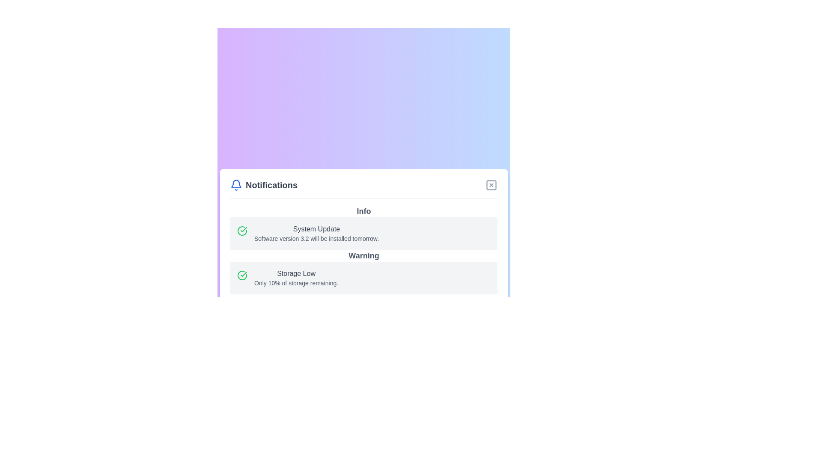 Image resolution: width=822 pixels, height=462 pixels. What do you see at coordinates (363, 255) in the screenshot?
I see `the text label displaying 'Warning' in a bold and capitalized format, which is centrally positioned within the notification panel` at bounding box center [363, 255].